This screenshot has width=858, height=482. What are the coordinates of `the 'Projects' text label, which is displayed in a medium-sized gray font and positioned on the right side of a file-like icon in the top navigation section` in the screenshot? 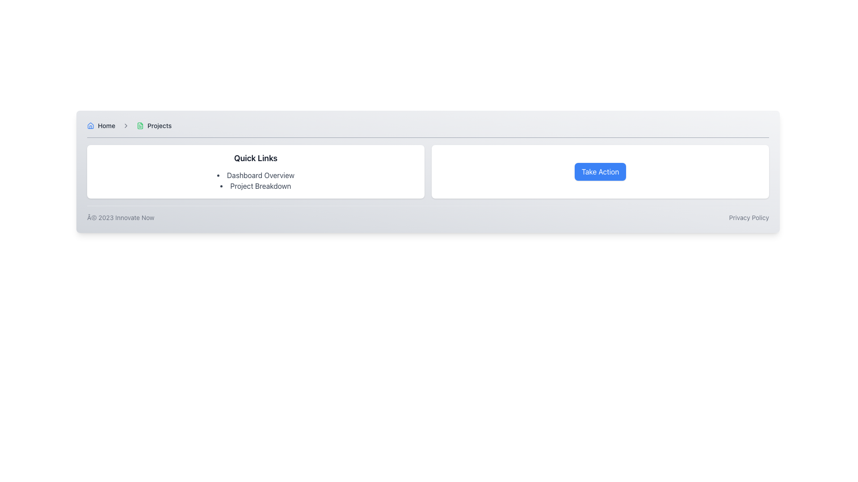 It's located at (160, 125).